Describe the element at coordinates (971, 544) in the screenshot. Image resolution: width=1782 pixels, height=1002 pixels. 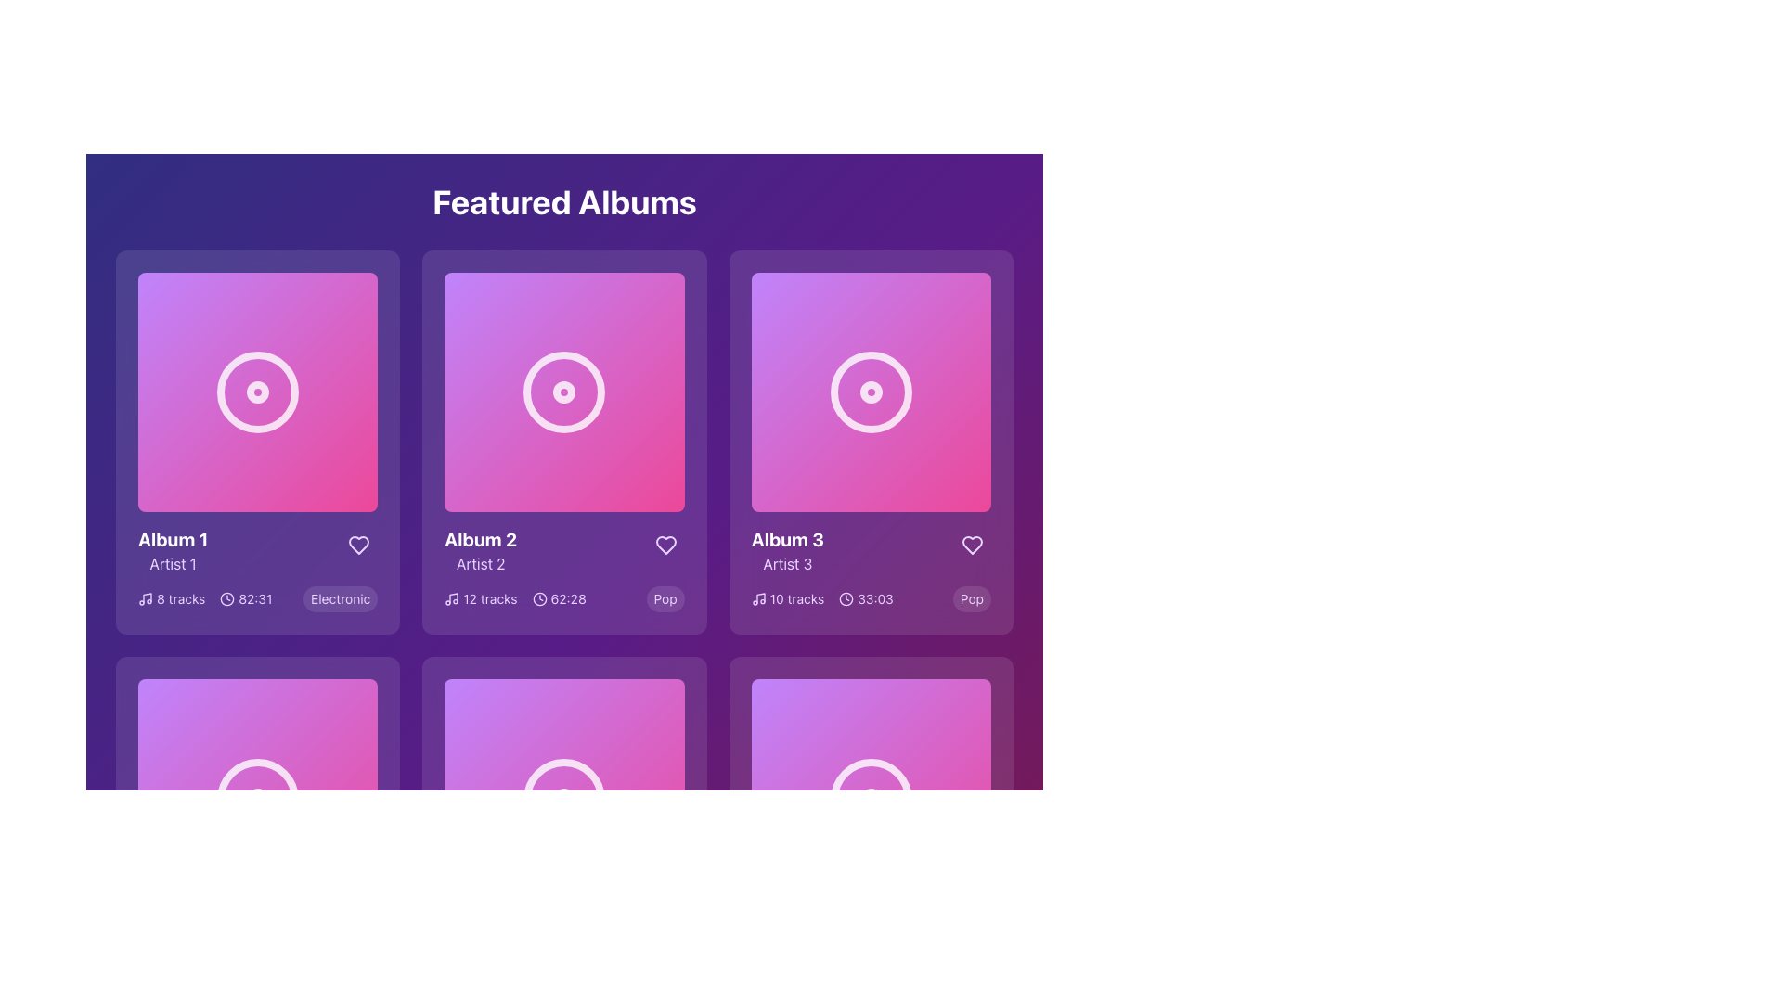
I see `the heart-shaped icon button with a light purple outline located at the top-right corner of the 'Album 3' card to like or unlike the album` at that location.